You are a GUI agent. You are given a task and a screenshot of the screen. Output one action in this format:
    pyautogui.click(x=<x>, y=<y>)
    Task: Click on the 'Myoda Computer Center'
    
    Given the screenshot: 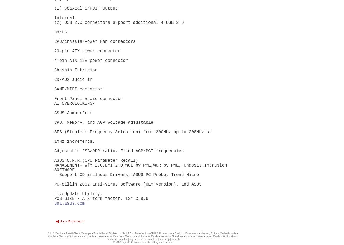 What is the action you would take?
    pyautogui.click(x=137, y=242)
    